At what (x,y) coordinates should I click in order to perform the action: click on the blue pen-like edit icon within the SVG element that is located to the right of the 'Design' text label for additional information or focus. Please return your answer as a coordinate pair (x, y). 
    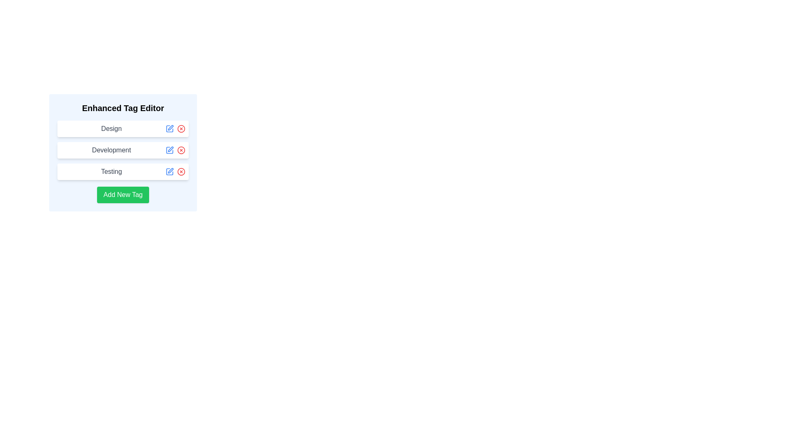
    Looking at the image, I should click on (170, 128).